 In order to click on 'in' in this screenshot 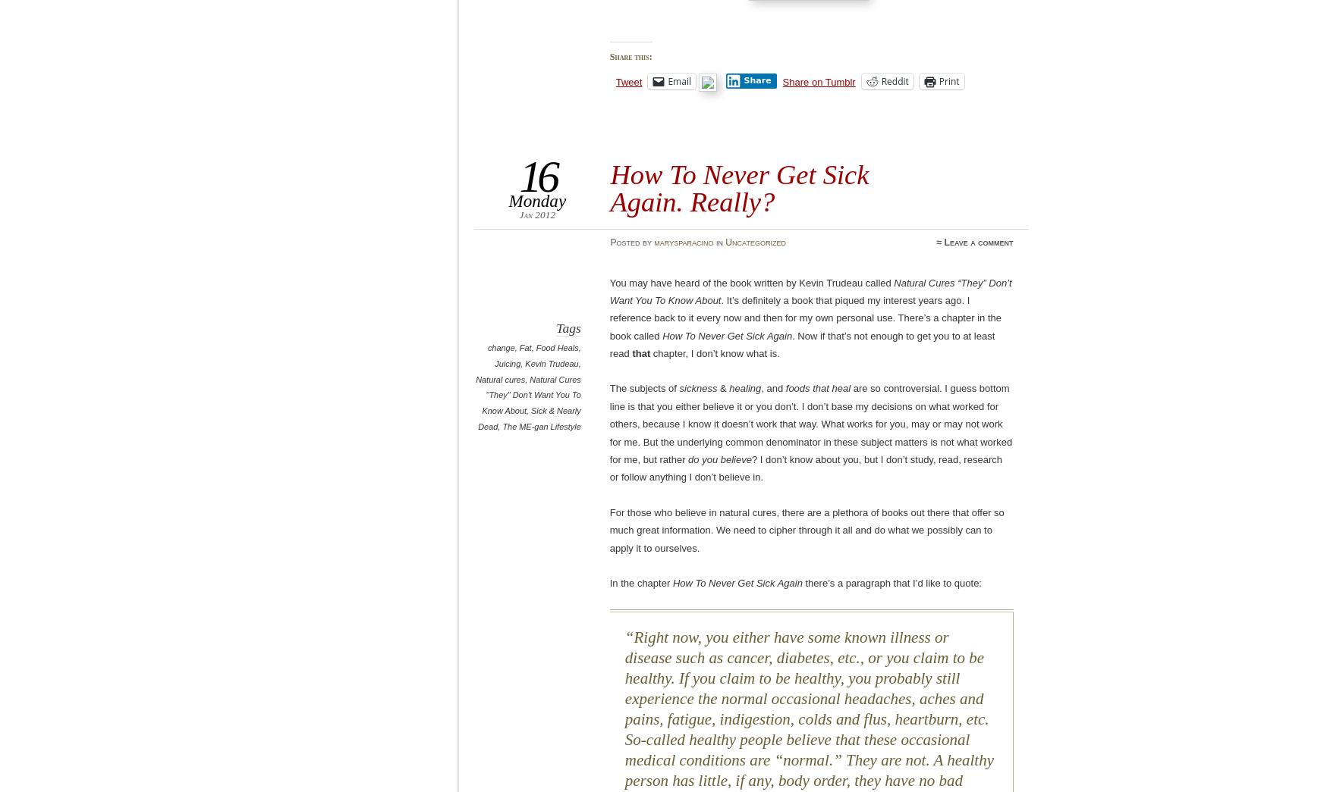, I will do `click(718, 242)`.